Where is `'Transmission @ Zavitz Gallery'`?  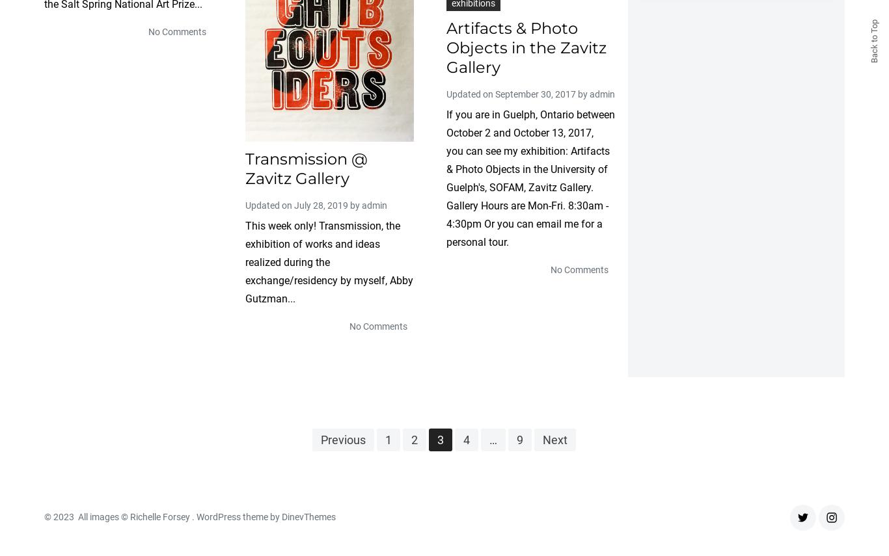
'Transmission @ Zavitz Gallery' is located at coordinates (306, 167).